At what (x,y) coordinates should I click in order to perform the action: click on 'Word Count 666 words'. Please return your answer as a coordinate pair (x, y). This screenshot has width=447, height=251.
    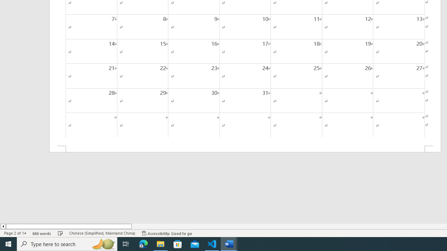
    Looking at the image, I should click on (42, 233).